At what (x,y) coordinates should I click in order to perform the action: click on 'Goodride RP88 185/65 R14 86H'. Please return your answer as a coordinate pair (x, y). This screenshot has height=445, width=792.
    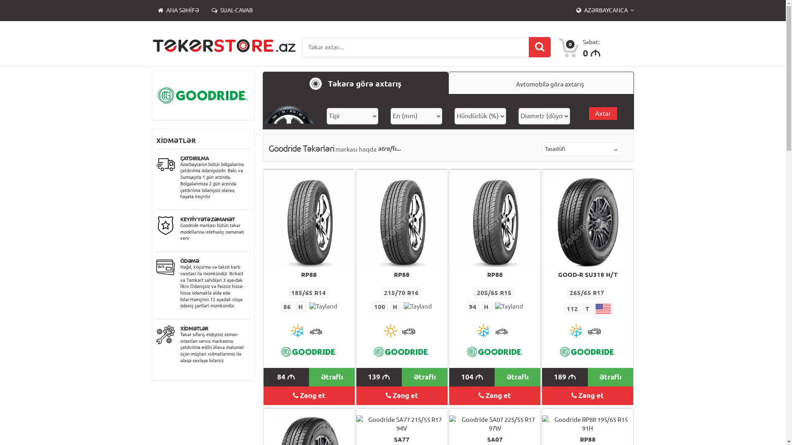
    Looking at the image, I should click on (263, 221).